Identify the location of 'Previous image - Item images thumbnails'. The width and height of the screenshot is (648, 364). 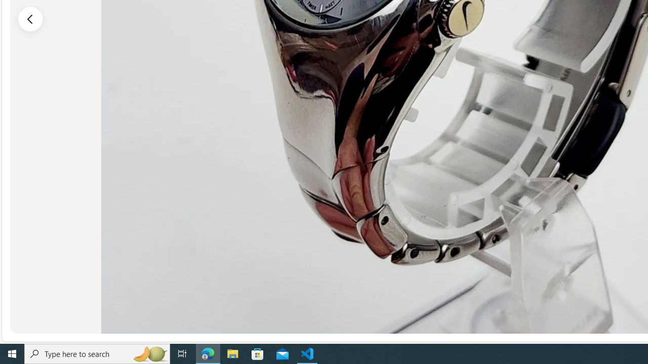
(30, 19).